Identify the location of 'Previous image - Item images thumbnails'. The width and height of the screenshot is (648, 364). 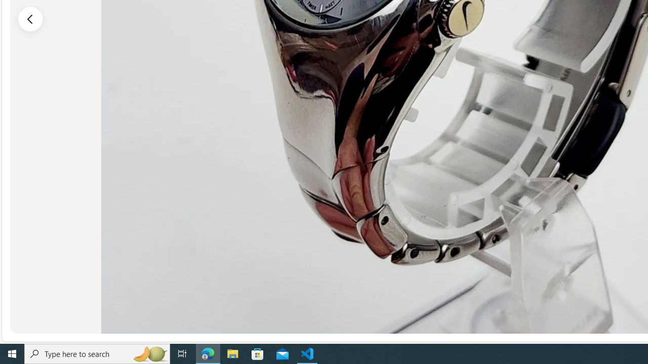
(30, 19).